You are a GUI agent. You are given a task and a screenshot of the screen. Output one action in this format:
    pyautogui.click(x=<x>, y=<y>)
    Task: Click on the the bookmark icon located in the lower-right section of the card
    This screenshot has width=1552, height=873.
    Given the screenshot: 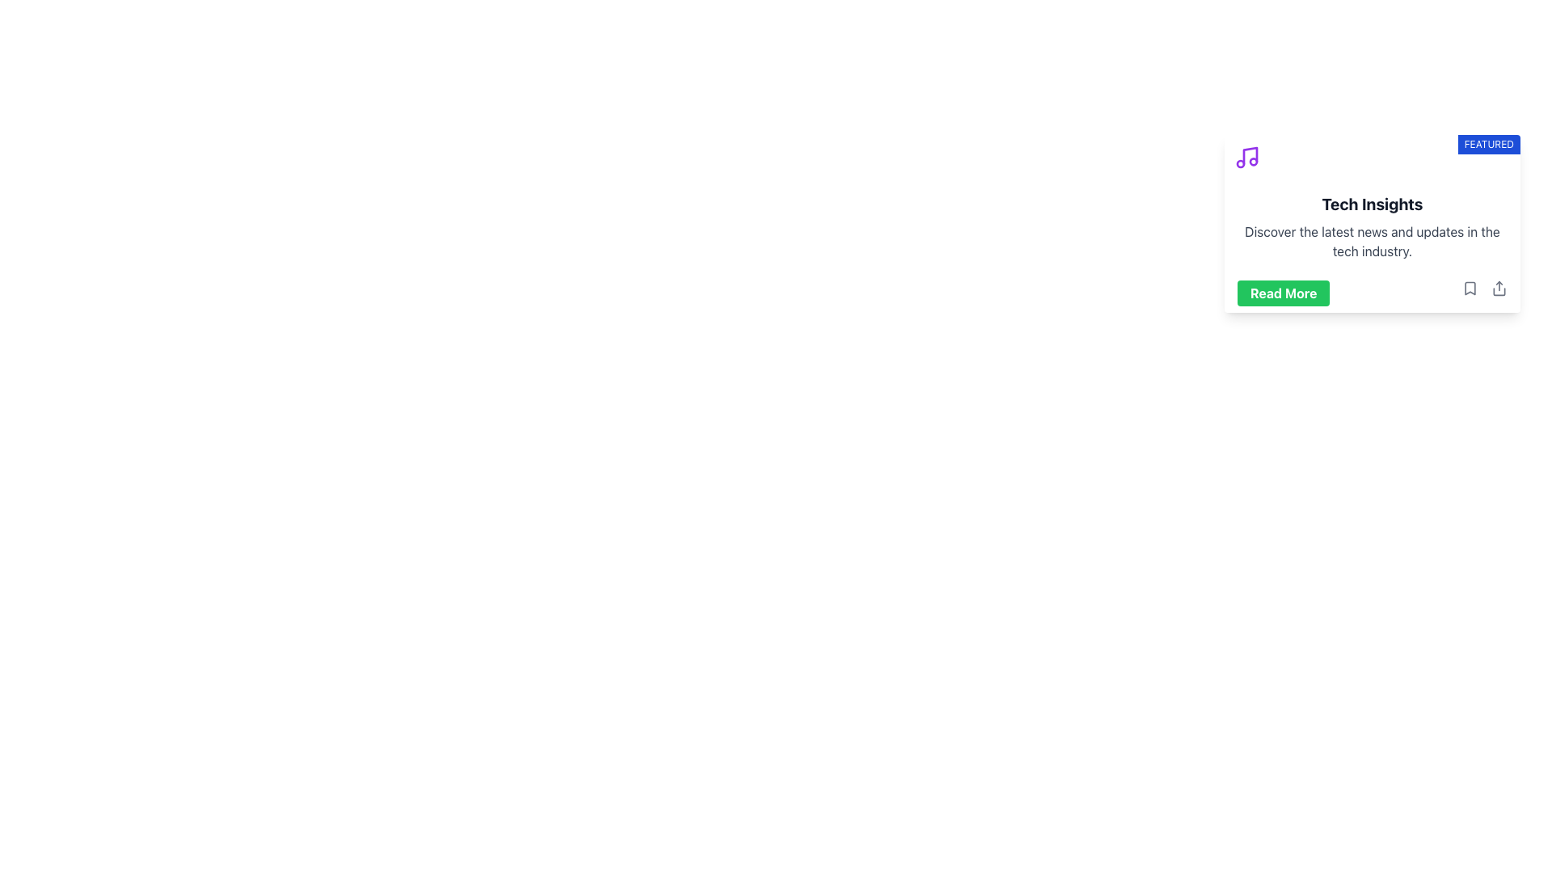 What is the action you would take?
    pyautogui.click(x=1470, y=288)
    